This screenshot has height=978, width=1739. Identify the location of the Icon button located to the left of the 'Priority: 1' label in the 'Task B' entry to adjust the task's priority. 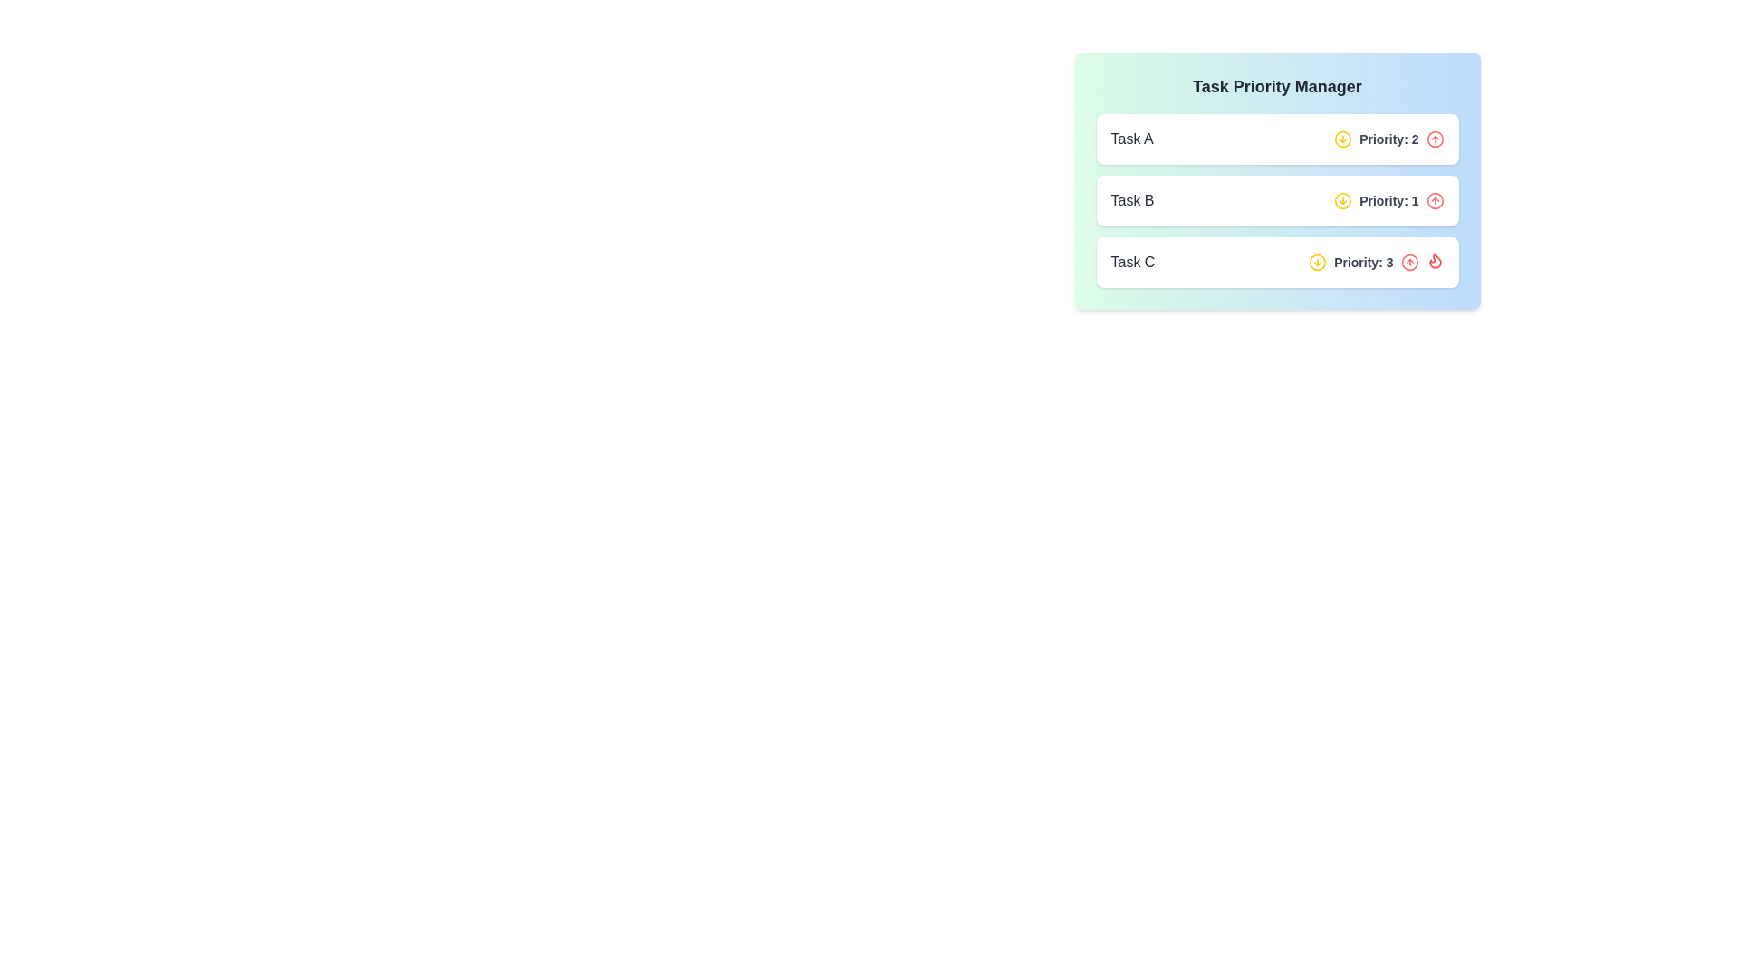
(1343, 201).